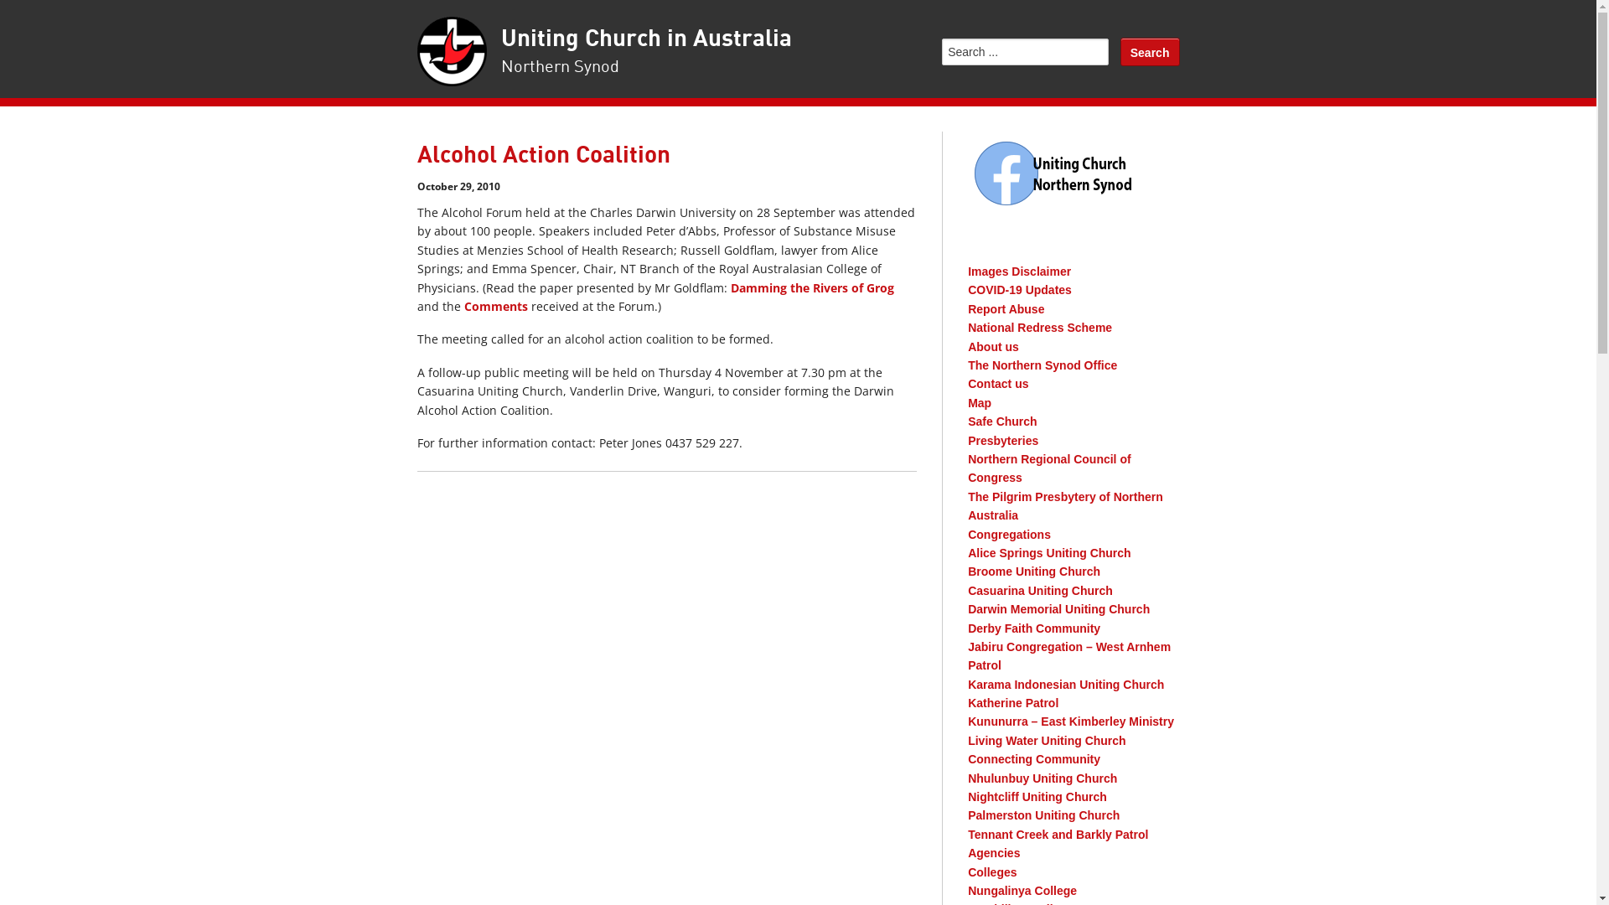 This screenshot has width=1609, height=905. Describe the element at coordinates (1065, 685) in the screenshot. I see `'Karama Indonesian Uniting Church'` at that location.